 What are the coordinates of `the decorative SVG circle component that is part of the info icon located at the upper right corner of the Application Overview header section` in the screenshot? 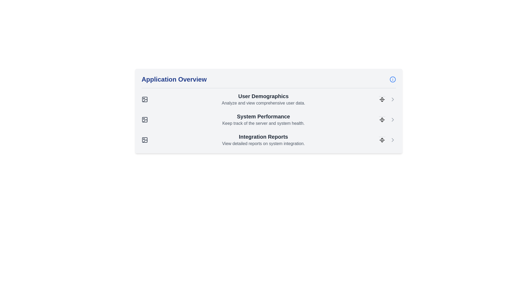 It's located at (393, 79).